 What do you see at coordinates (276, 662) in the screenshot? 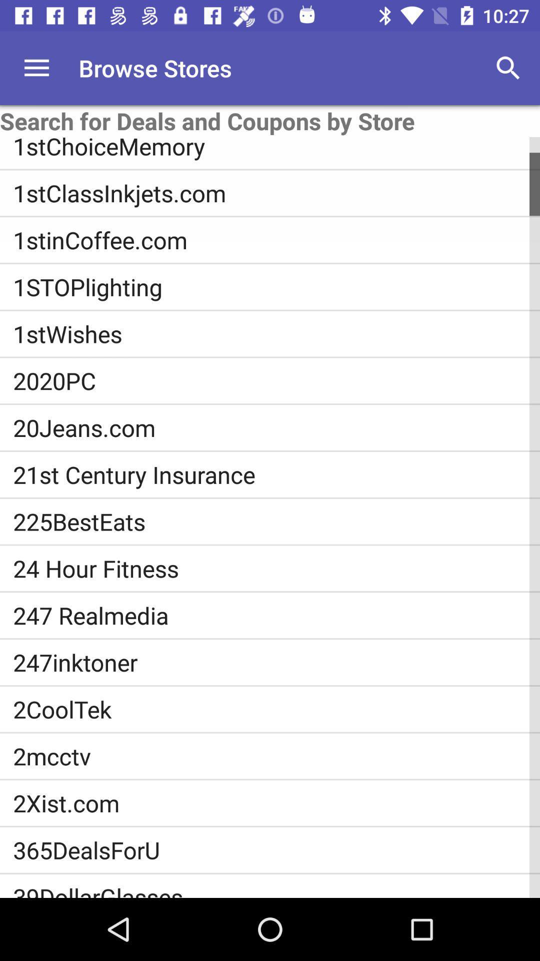
I see `the item above the 2cooltek icon` at bounding box center [276, 662].